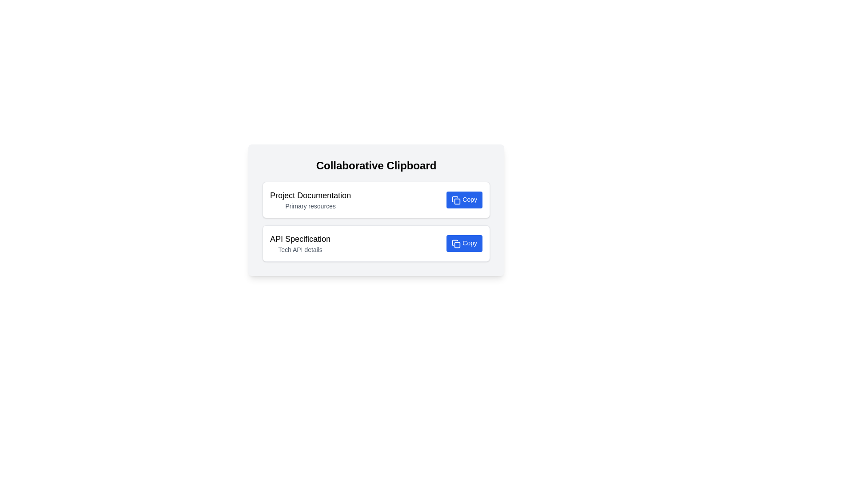 Image resolution: width=853 pixels, height=480 pixels. I want to click on text from the title label located above 'Tech API details' in the lower section of the two-item list interface, so click(300, 238).